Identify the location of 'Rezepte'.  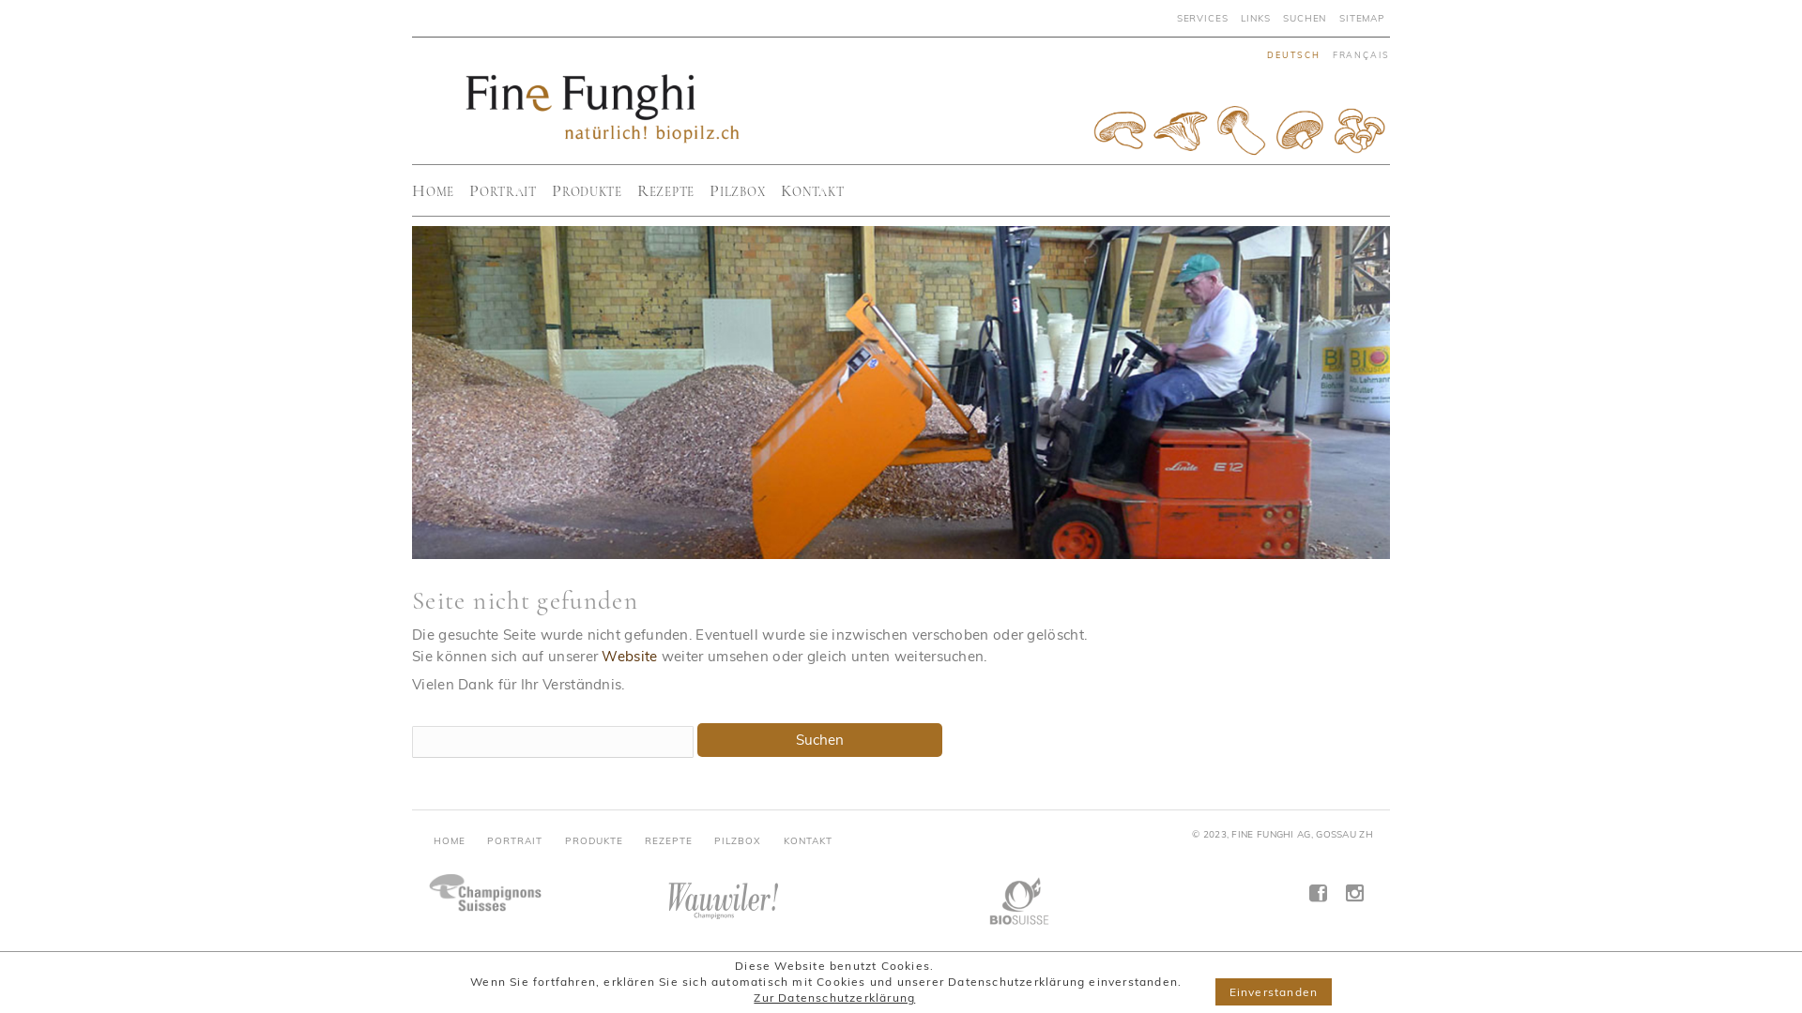
(673, 190).